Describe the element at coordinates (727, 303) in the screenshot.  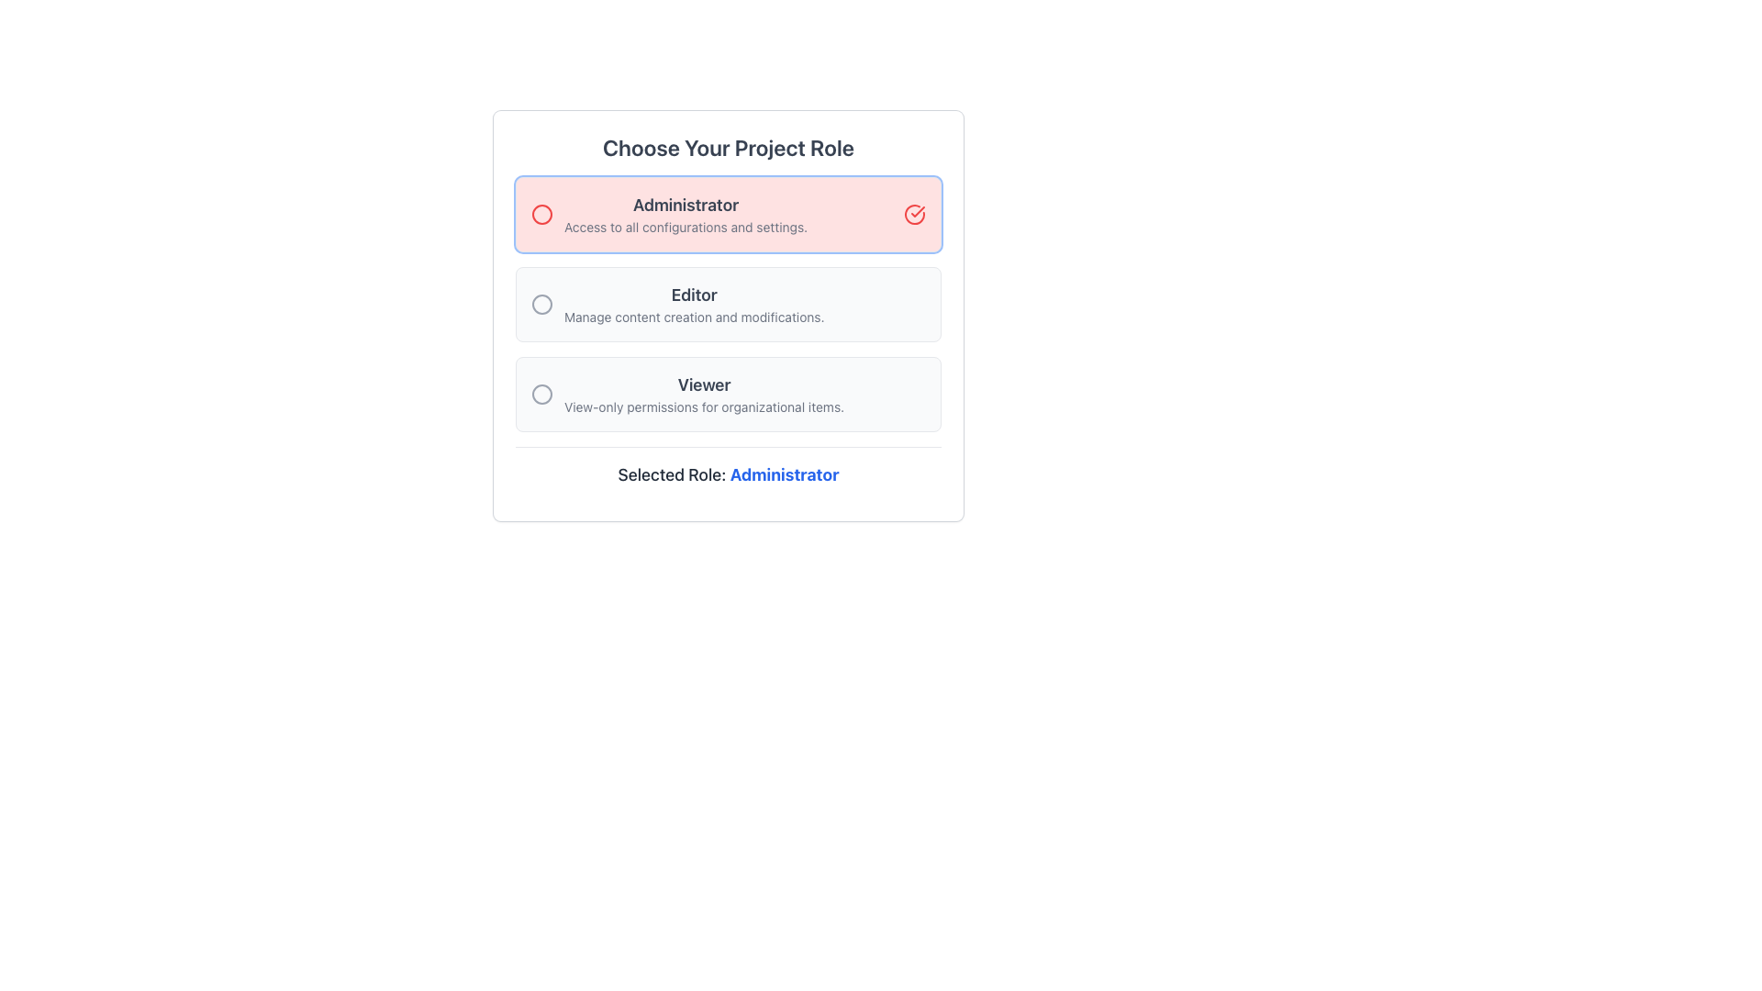
I see `the 'Editor' radio button group item` at that location.